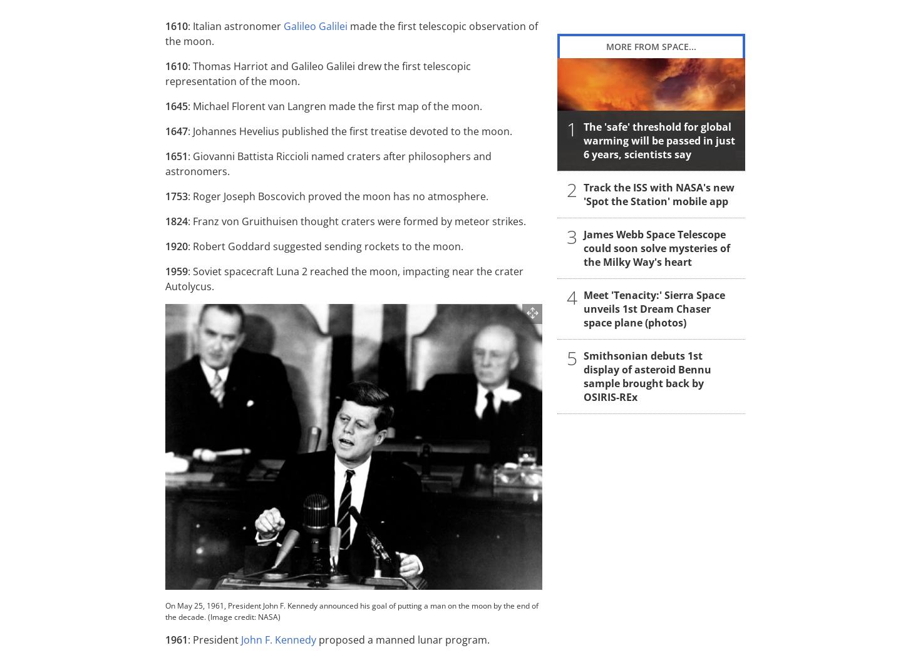 The image size is (908, 653). What do you see at coordinates (188, 25) in the screenshot?
I see `': Italian astronomer'` at bounding box center [188, 25].